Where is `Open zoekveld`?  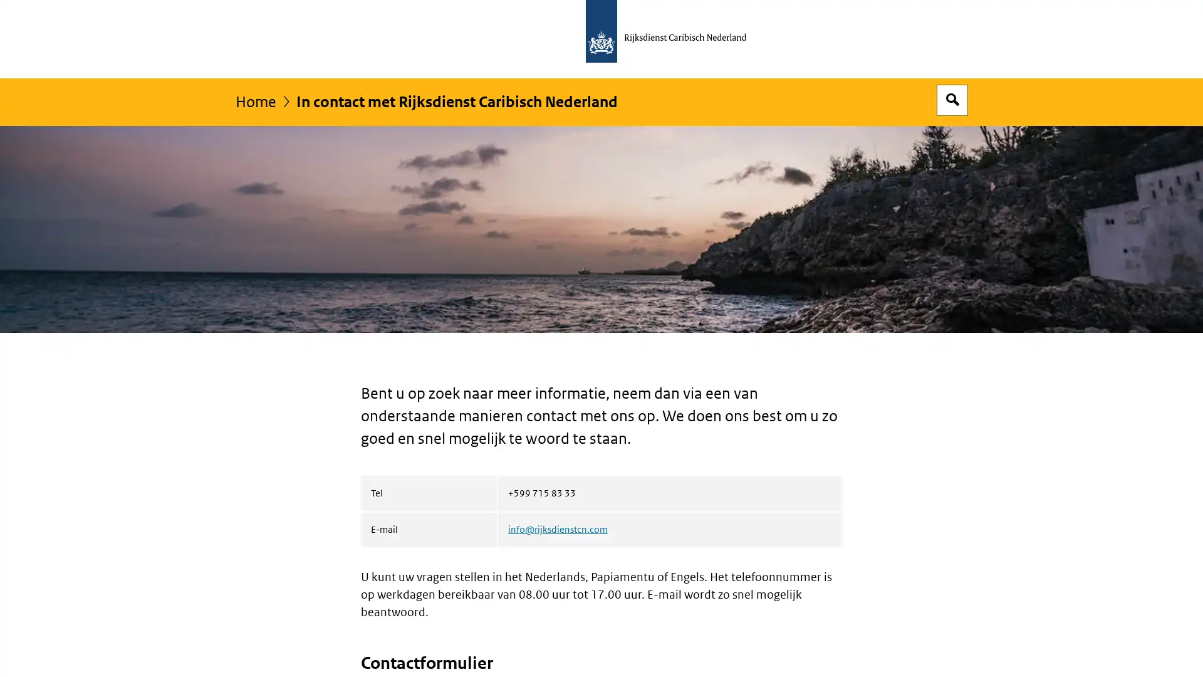
Open zoekveld is located at coordinates (952, 99).